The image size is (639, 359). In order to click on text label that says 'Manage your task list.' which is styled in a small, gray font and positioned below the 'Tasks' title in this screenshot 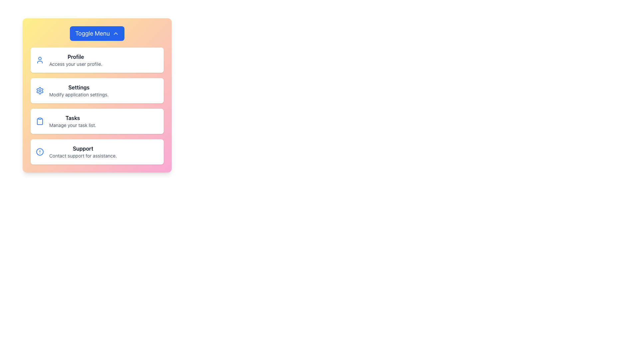, I will do `click(73, 125)`.